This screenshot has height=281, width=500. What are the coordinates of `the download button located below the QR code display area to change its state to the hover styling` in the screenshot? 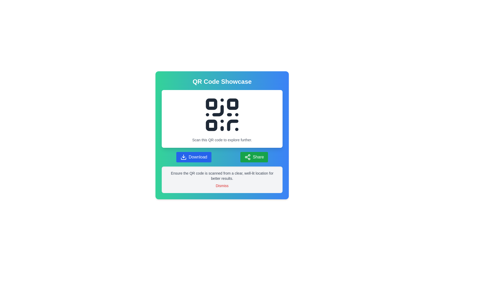 It's located at (193, 157).